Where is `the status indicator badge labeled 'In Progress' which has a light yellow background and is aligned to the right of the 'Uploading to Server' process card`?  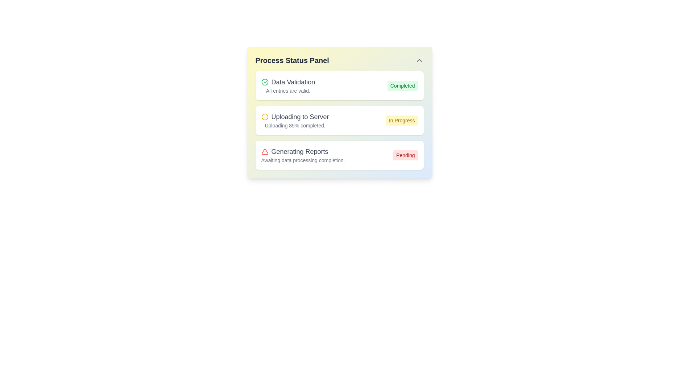
the status indicator badge labeled 'In Progress' which has a light yellow background and is aligned to the right of the 'Uploading to Server' process card is located at coordinates (401, 120).